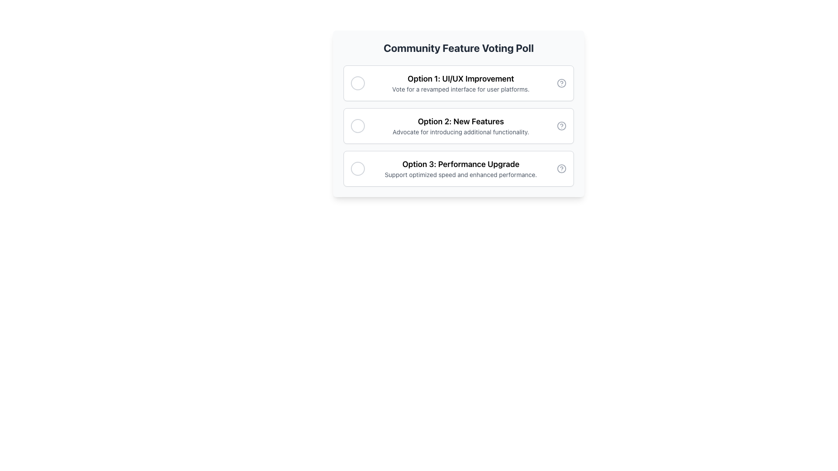  What do you see at coordinates (460, 126) in the screenshot?
I see `the label 'Option 2: New Features'` at bounding box center [460, 126].